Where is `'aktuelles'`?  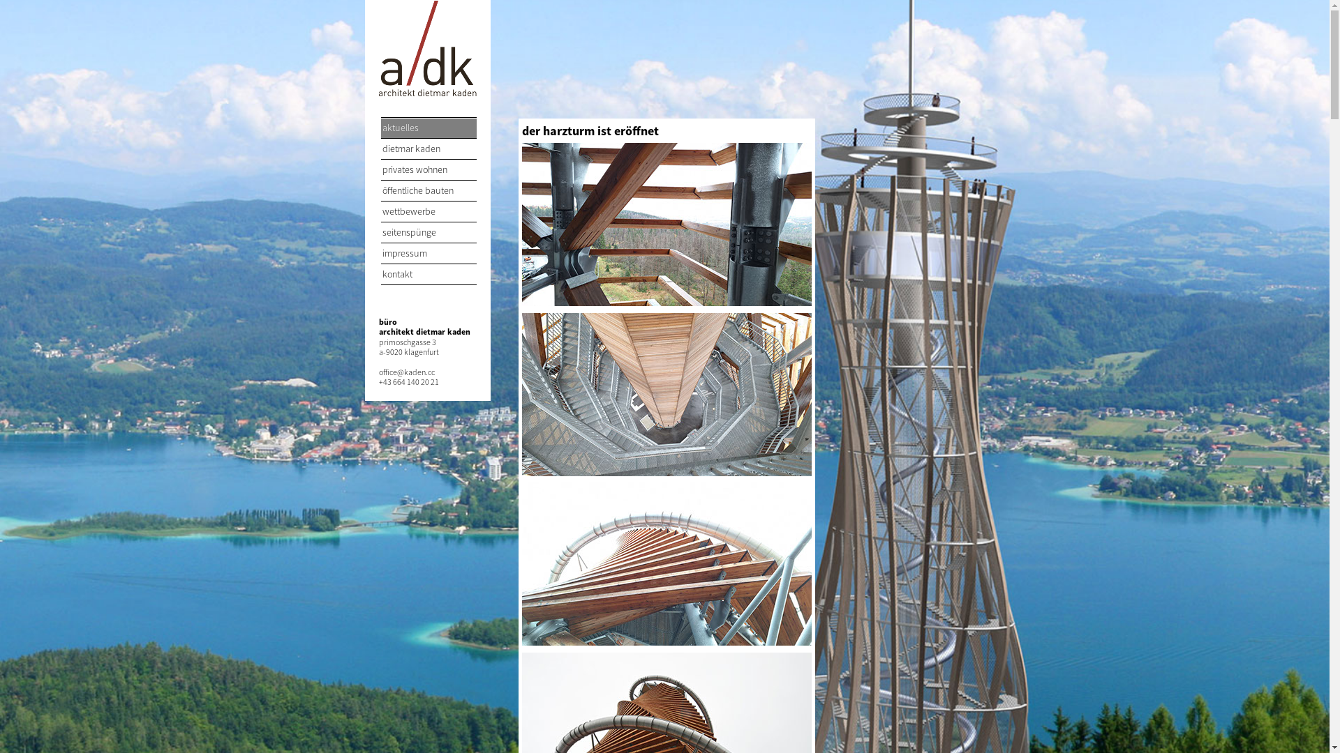
'aktuelles' is located at coordinates (381, 128).